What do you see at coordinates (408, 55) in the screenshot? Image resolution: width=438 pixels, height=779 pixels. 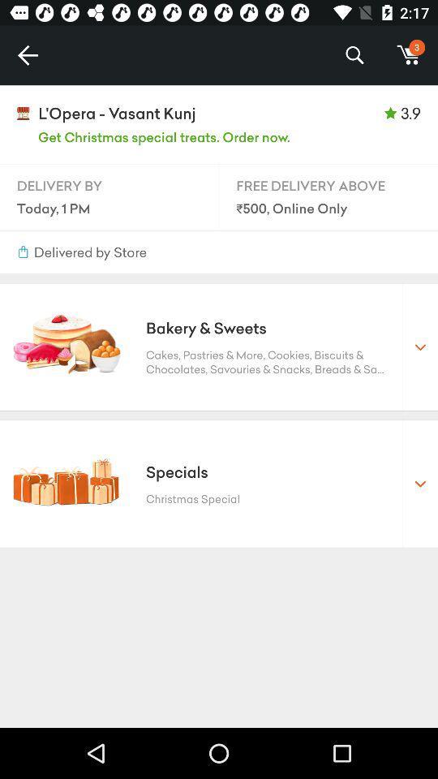 I see `icon next to the %` at bounding box center [408, 55].